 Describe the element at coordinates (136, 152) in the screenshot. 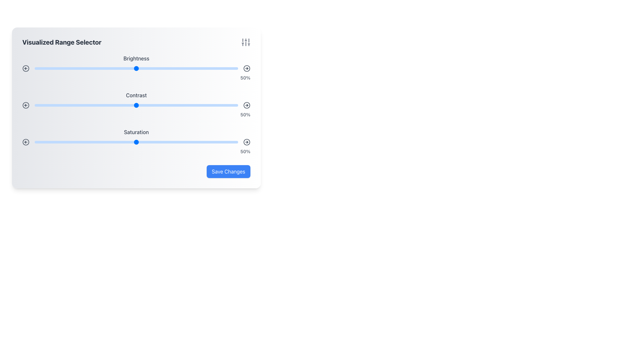

I see `the text label displaying '50%' which is styled with a gray color and positioned to the far right of the horizontal slider labeled 'Saturation'` at that location.